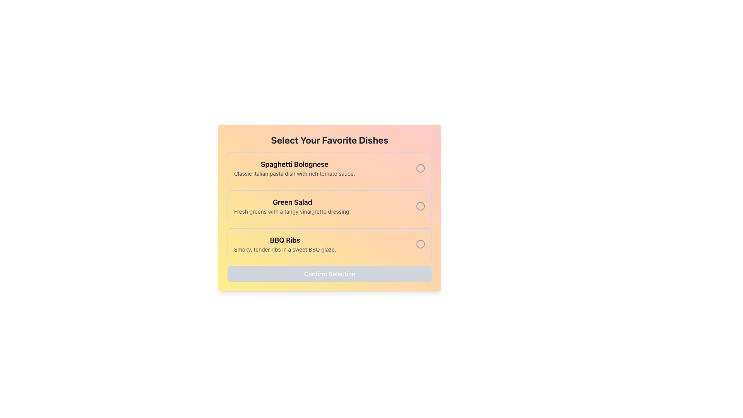  I want to click on the text label providing descriptive information about the 'Green Salad' option in the menu, located under the 'Green Salad' header, so click(292, 212).